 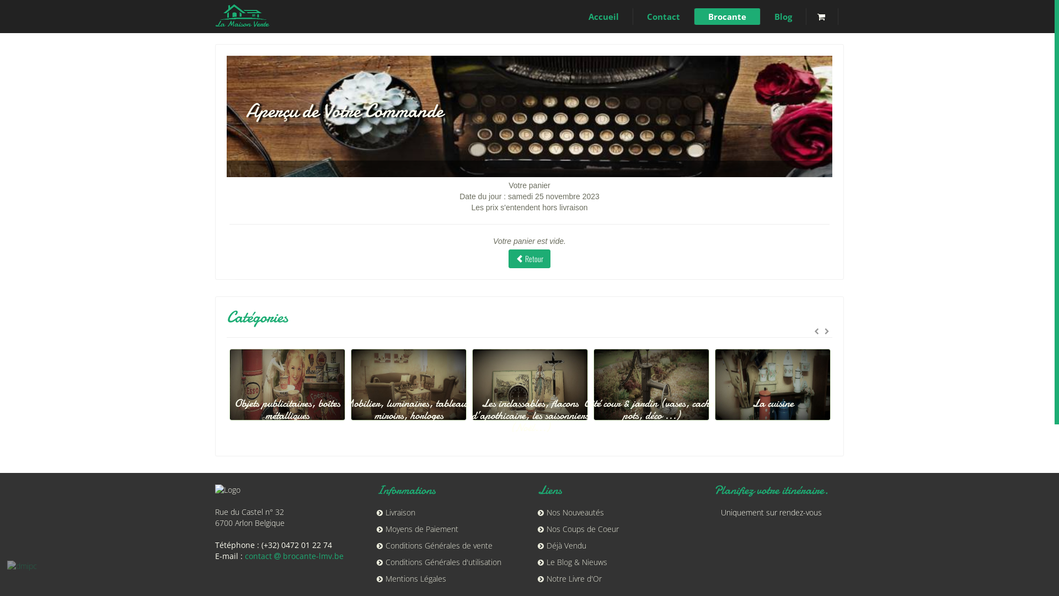 I want to click on 'Nos coups de coeur', so click(x=222, y=396).